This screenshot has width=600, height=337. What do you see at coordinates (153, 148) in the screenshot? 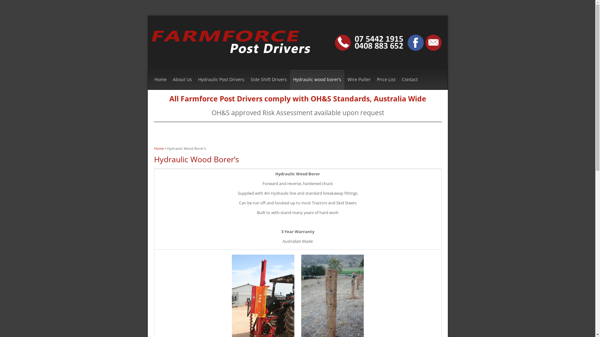
I see `'Home'` at bounding box center [153, 148].